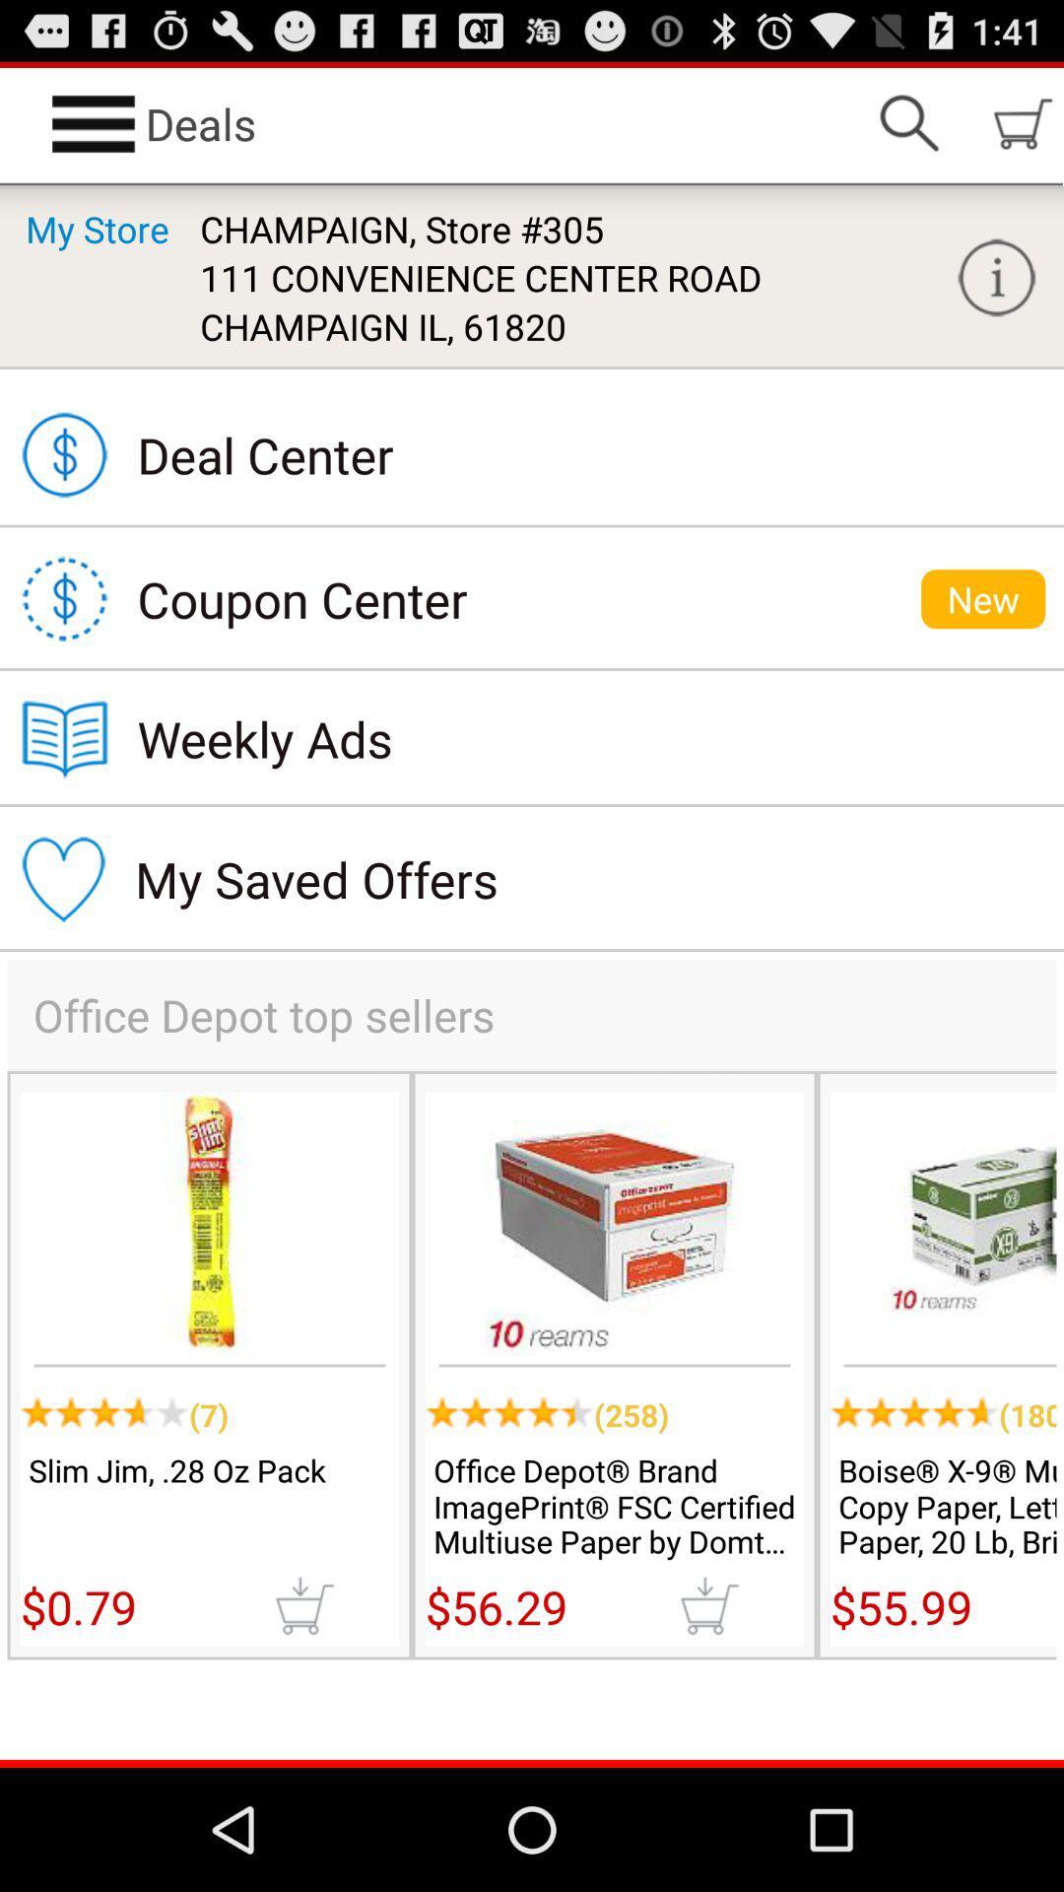 This screenshot has width=1064, height=1892. Describe the element at coordinates (996, 277) in the screenshot. I see `the app next to champaign, store #305` at that location.